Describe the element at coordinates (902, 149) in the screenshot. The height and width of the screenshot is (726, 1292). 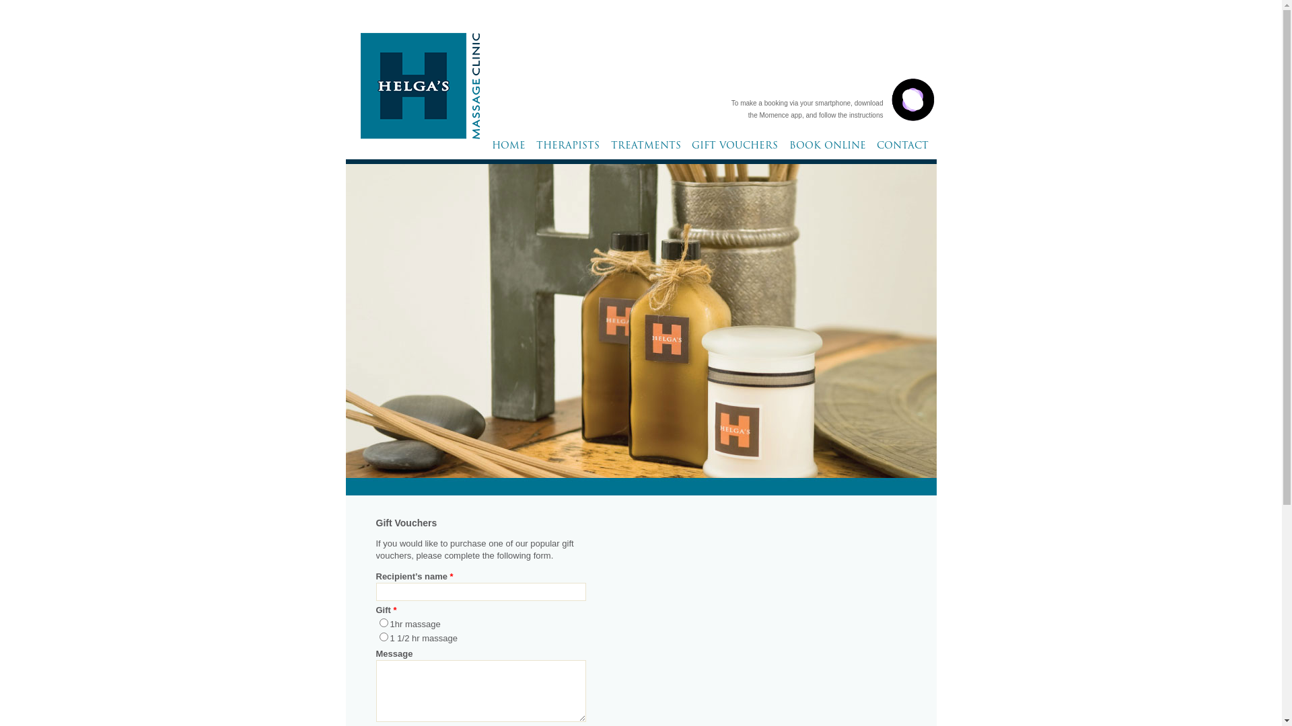
I see `'CONTACT'` at that location.